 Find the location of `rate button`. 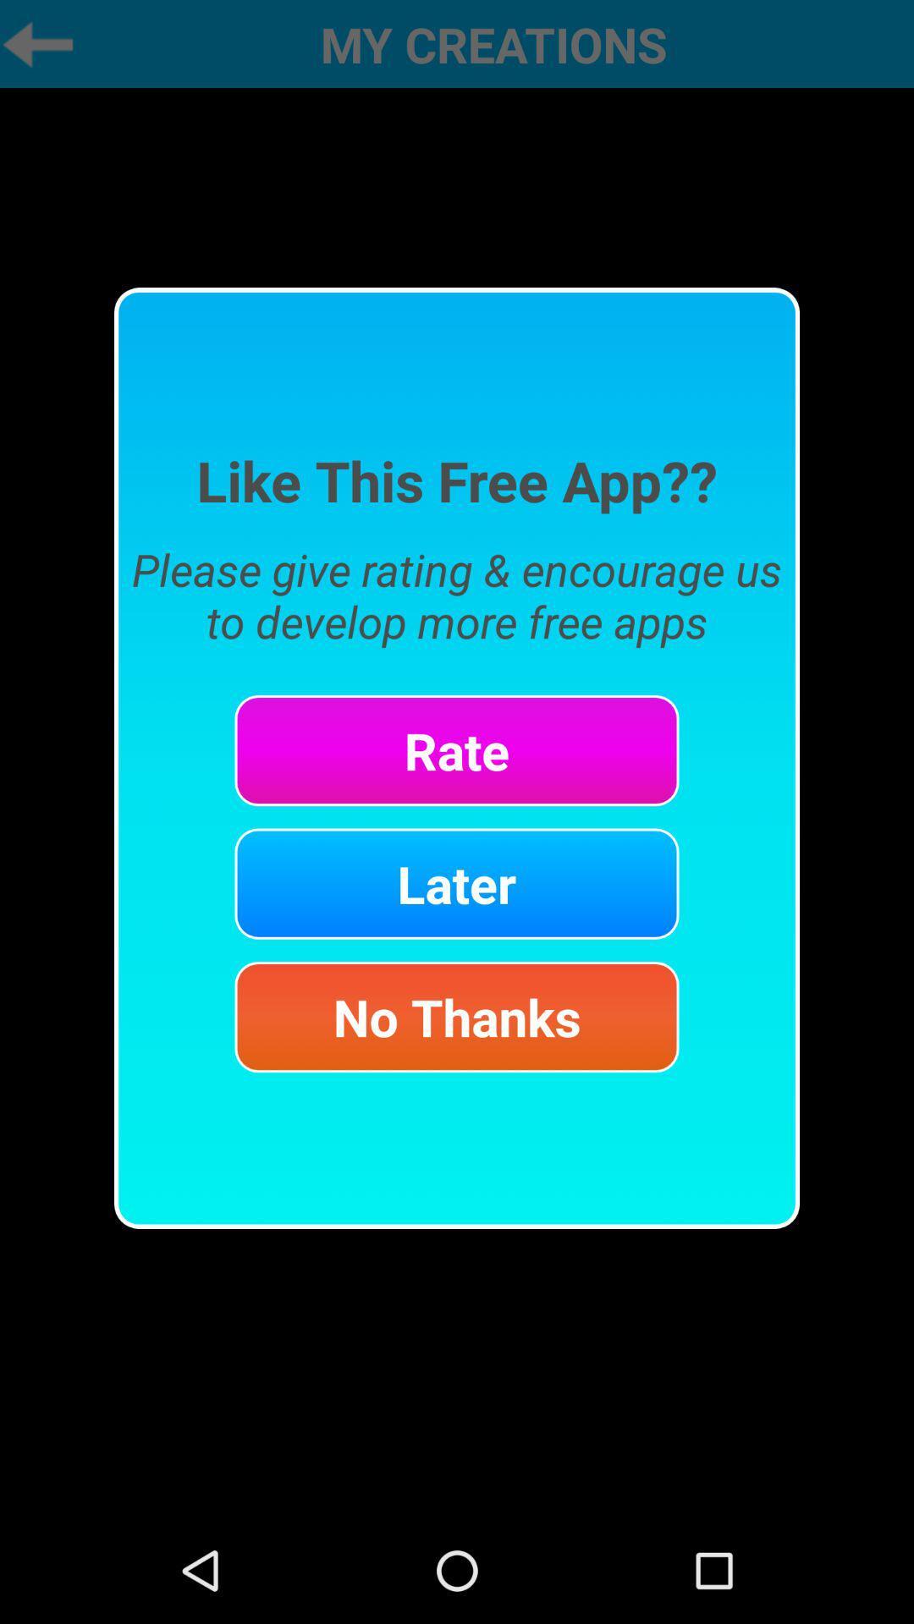

rate button is located at coordinates (457, 749).